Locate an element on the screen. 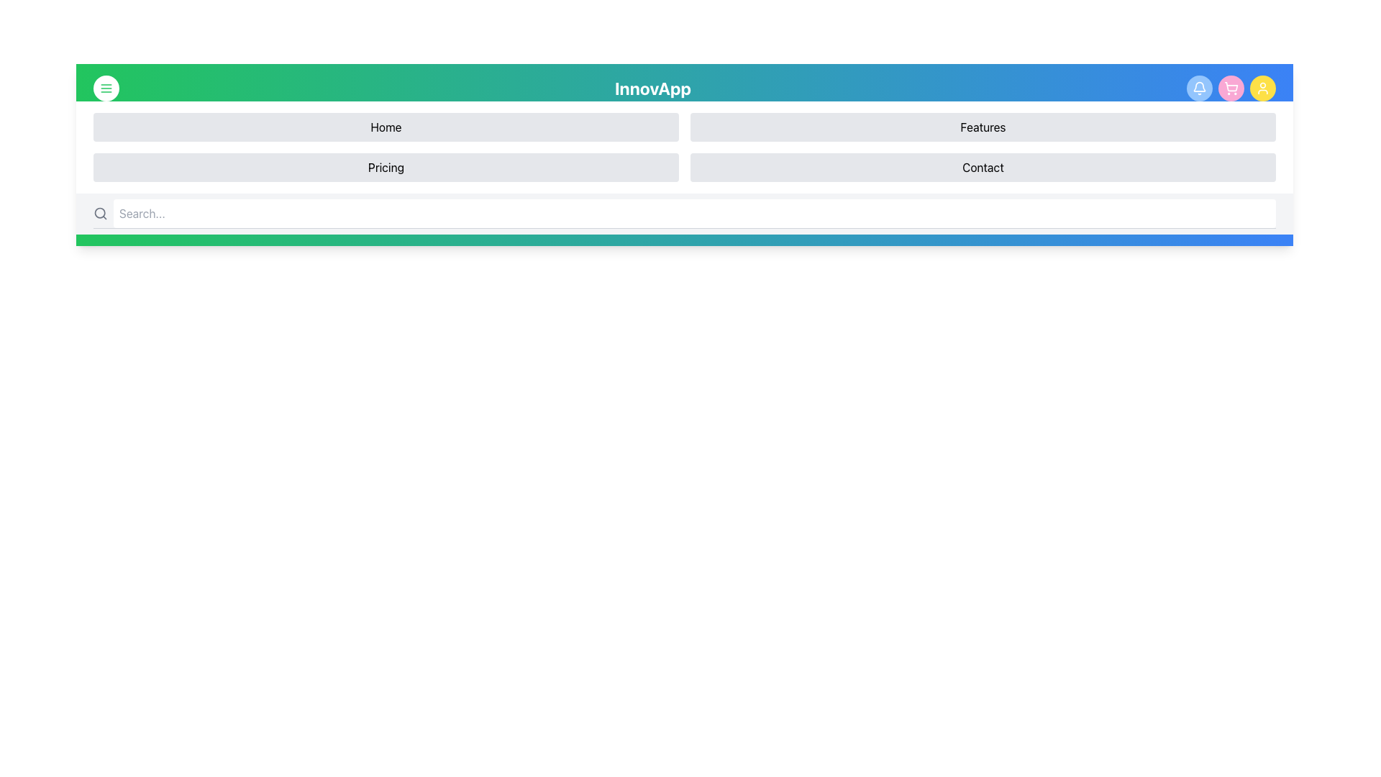 This screenshot has width=1381, height=777. the shopping cart button located in the top-right corner of the interface using keyboard navigation is located at coordinates (1231, 88).